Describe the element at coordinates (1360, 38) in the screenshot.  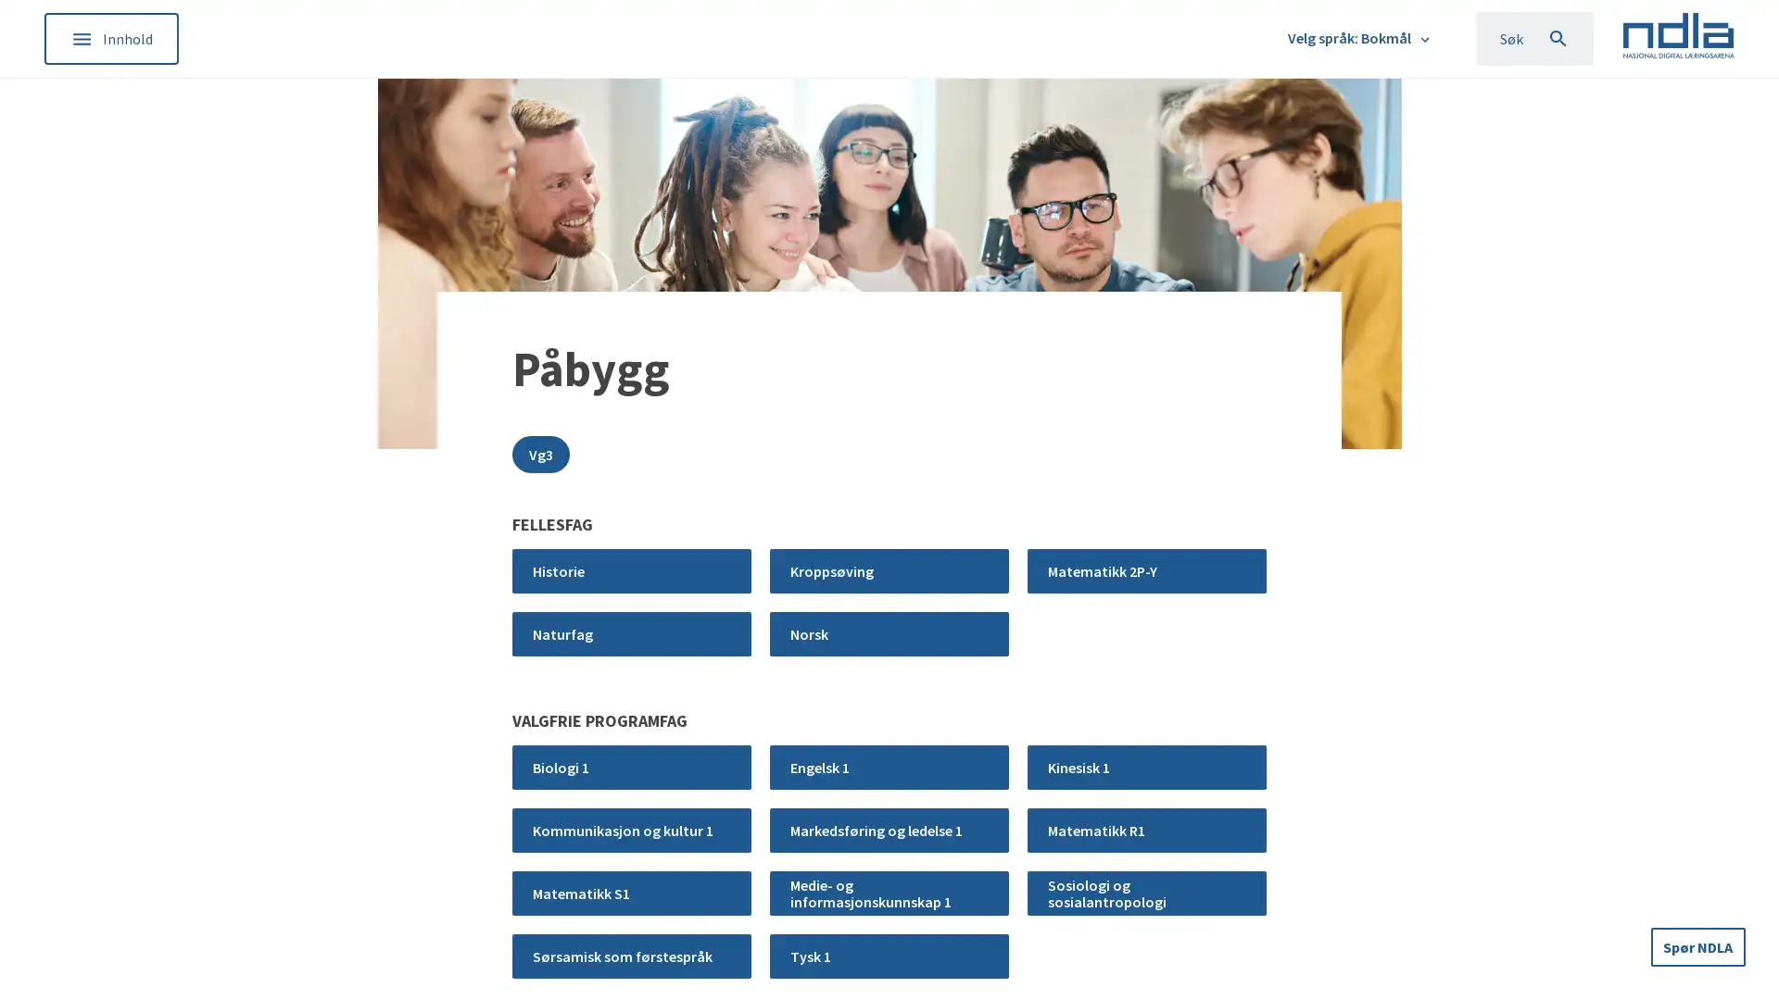
I see `Velg sprak: Bokmal` at that location.